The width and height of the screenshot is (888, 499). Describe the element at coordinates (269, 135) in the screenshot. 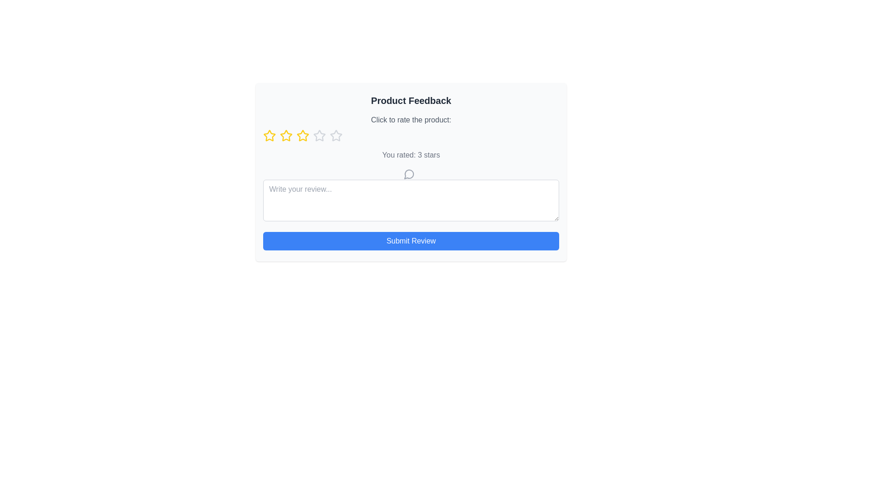

I see `the star-shaped icon button with a yellow outline` at that location.